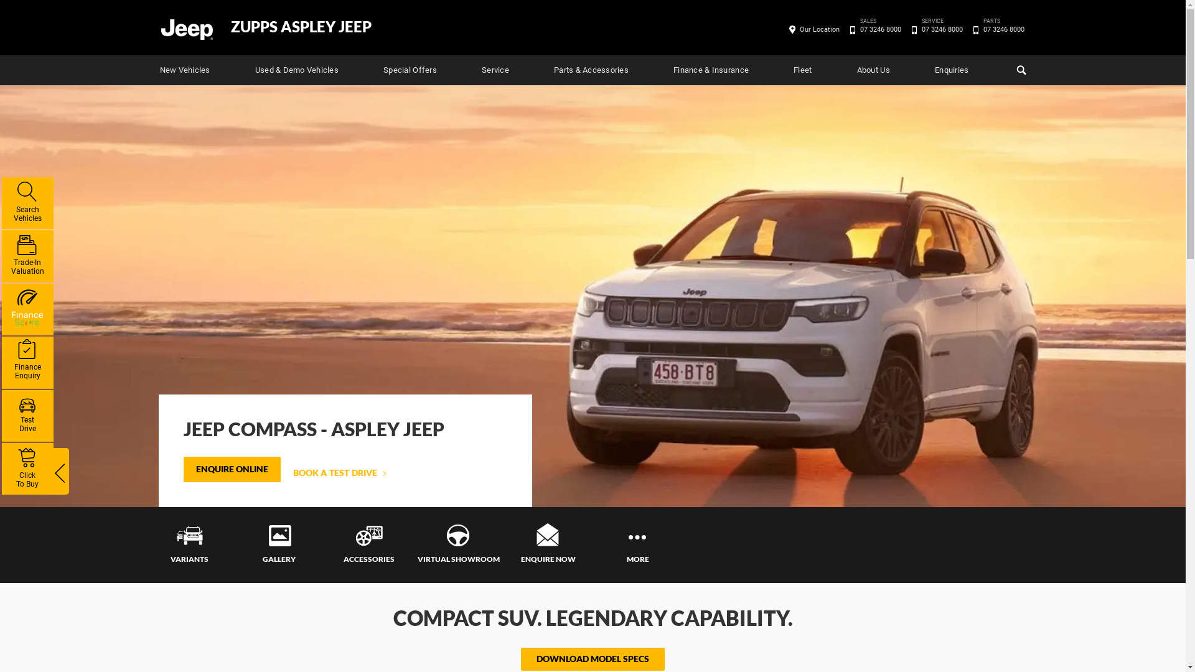 The width and height of the screenshot is (1195, 672). I want to click on 'About Us', so click(873, 70).